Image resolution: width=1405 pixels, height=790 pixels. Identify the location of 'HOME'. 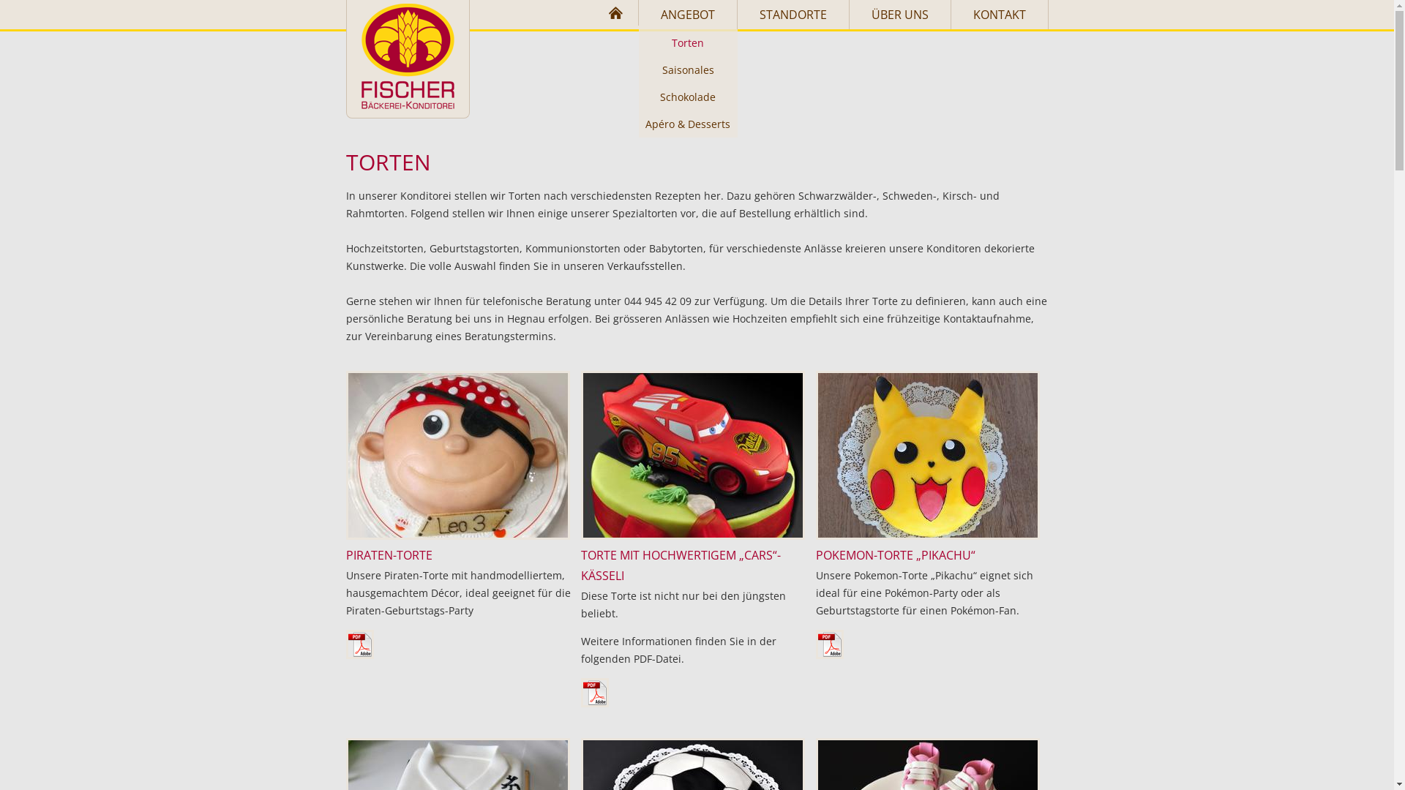
(616, 12).